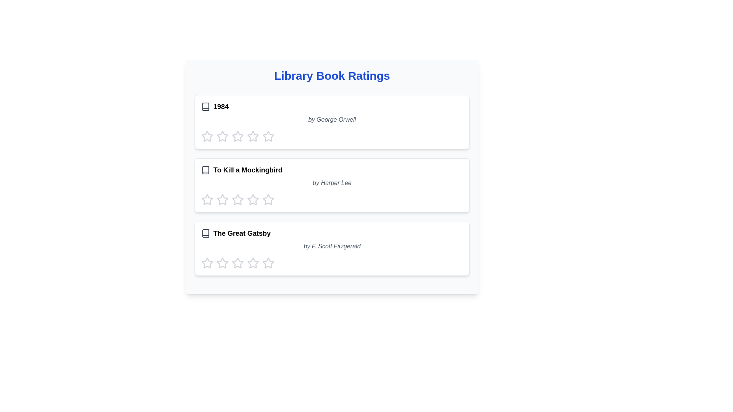  I want to click on the black and white vector icon resembling a book profile located to the left of the text '1984' in the first book entry of the 'Library Book Ratings' interface, so click(205, 107).